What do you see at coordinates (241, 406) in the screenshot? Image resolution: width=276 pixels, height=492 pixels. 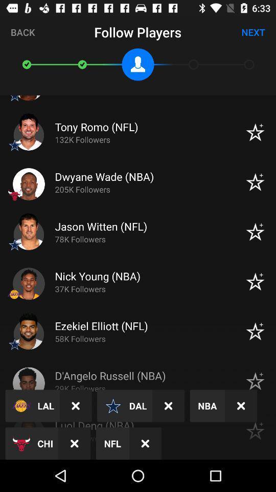 I see `the close icon` at bounding box center [241, 406].